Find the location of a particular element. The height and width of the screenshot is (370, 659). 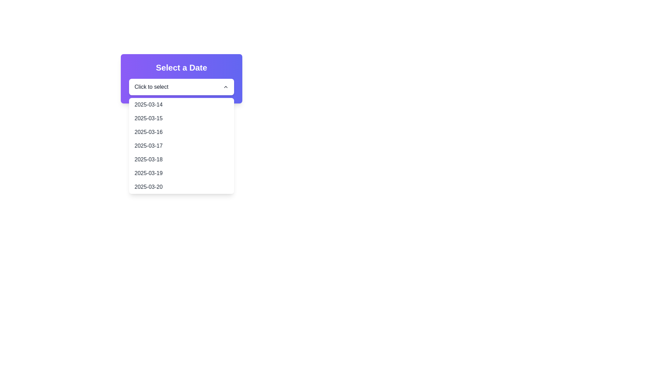

the clickable list item displaying '2025-03-15' in the drop-down menu is located at coordinates (148, 118).